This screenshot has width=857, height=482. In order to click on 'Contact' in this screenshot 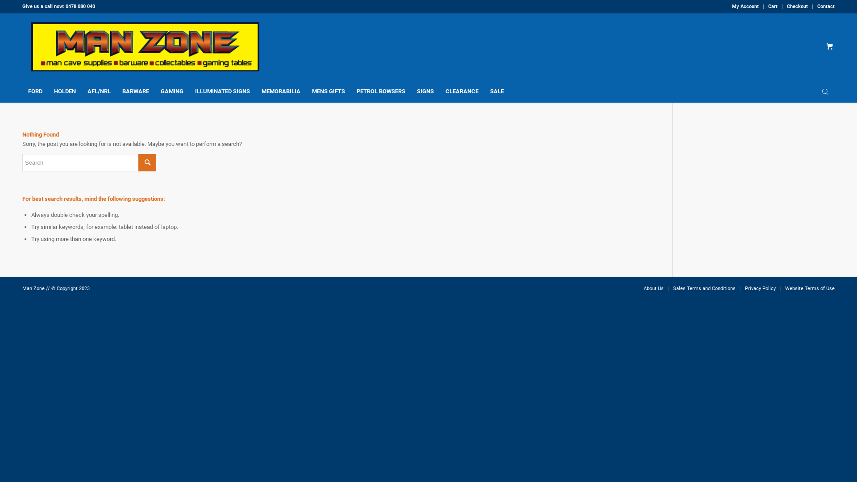, I will do `click(825, 6)`.